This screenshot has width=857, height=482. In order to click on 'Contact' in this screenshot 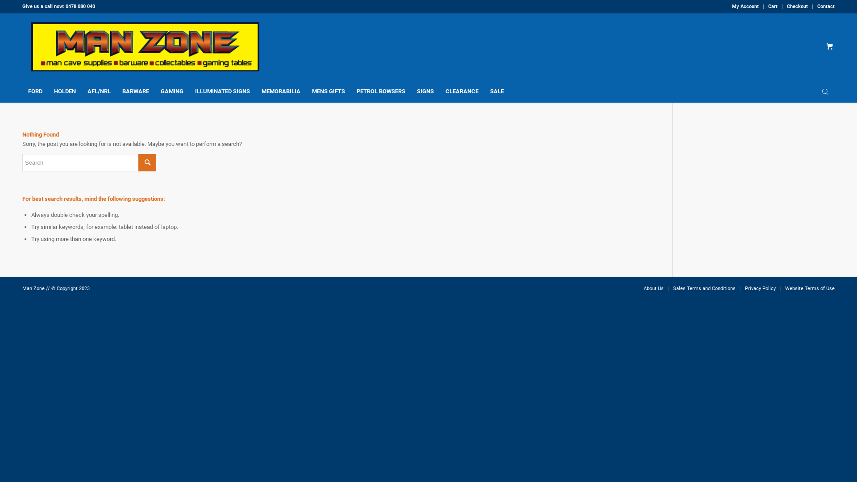, I will do `click(825, 6)`.